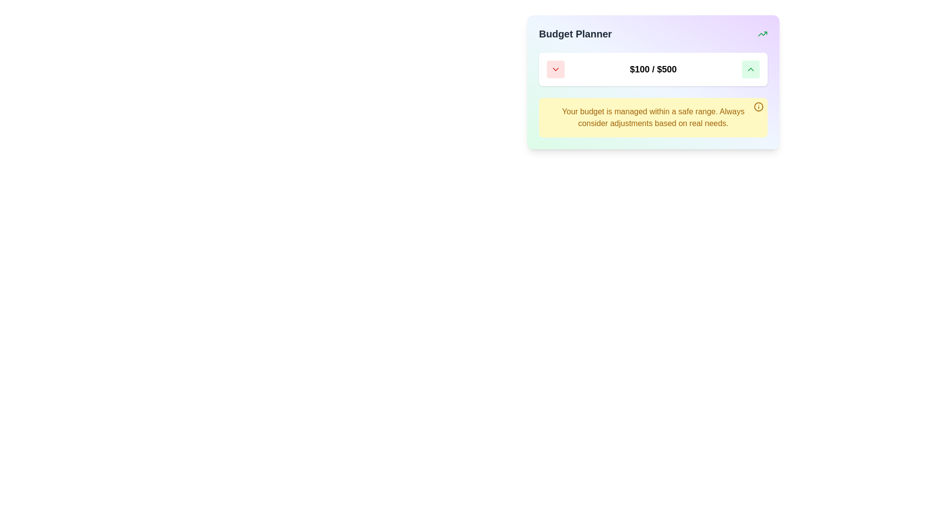 This screenshot has width=946, height=532. I want to click on the interactive button located to the far left of the text '$100 / $500' within the budget planner component to change its color, so click(556, 69).